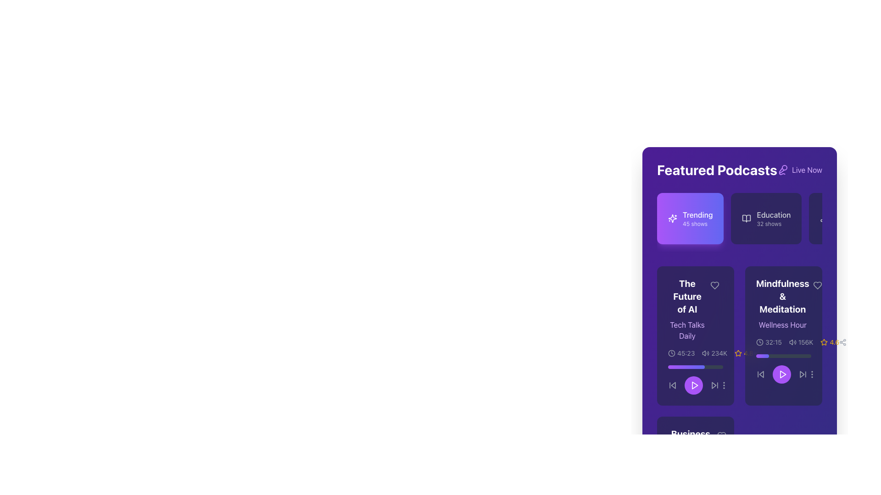 Image resolution: width=881 pixels, height=495 pixels. What do you see at coordinates (672, 367) in the screenshot?
I see `the slider value` at bounding box center [672, 367].